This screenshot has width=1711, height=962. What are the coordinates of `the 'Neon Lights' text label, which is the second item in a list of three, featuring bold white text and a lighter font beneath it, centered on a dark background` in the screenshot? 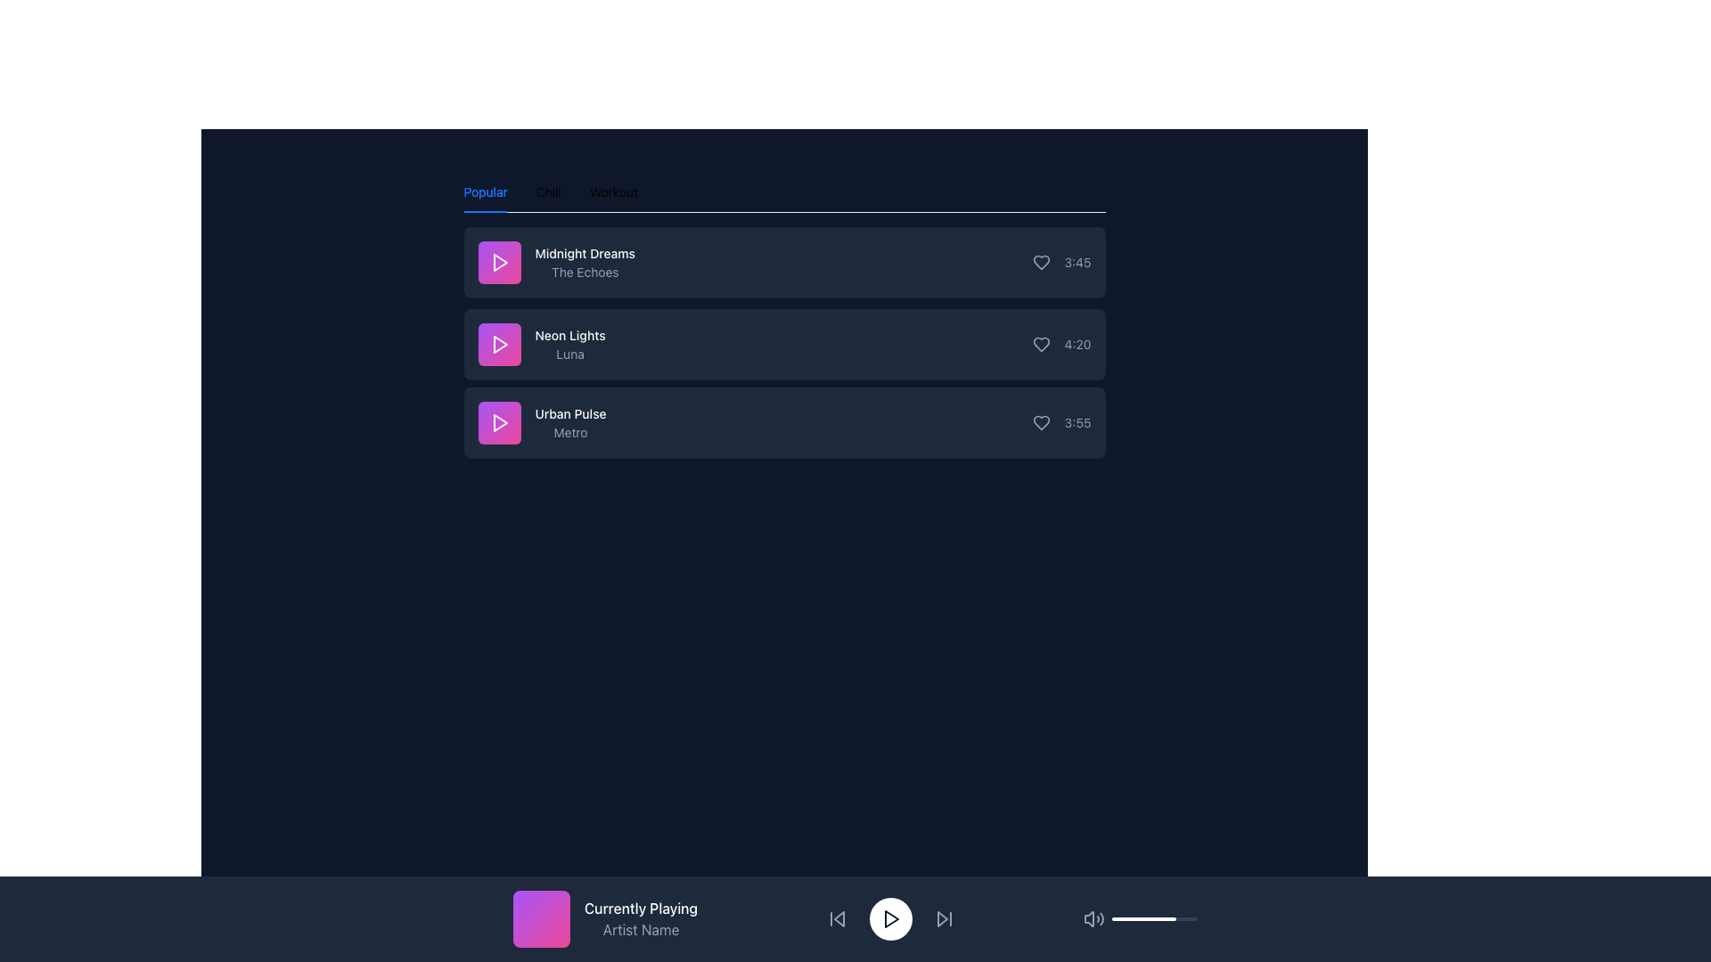 It's located at (570, 344).